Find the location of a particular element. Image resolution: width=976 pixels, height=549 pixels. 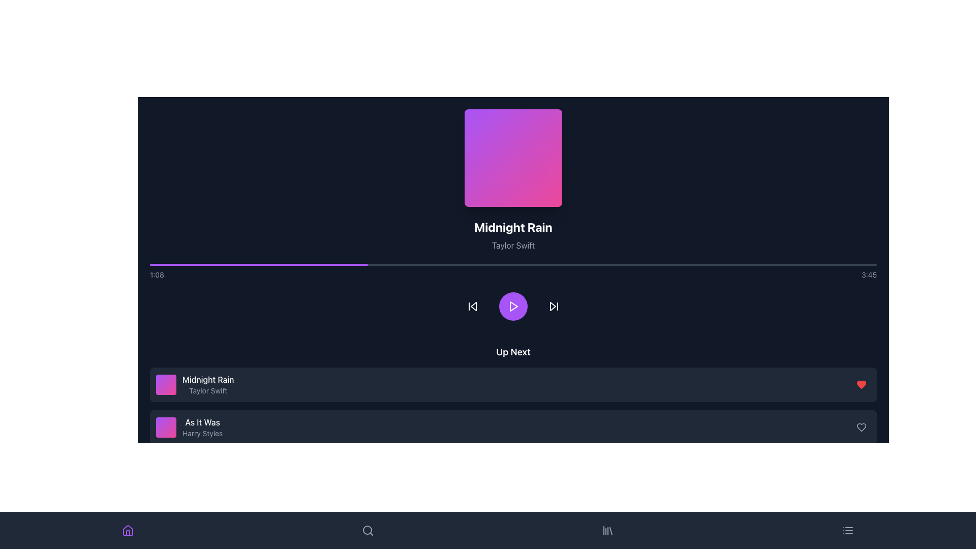

the circular purple button containing the triangular 'Play' icon for keyboard accessibility interactions is located at coordinates (513, 306).